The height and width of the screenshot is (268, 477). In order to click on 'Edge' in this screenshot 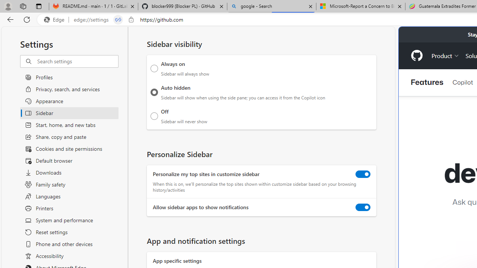, I will do `click(56, 19)`.